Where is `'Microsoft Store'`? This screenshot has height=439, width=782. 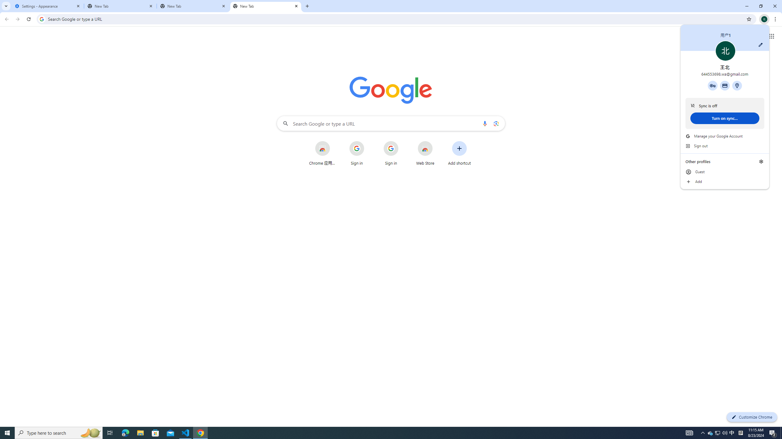
'Microsoft Store' is located at coordinates (185, 432).